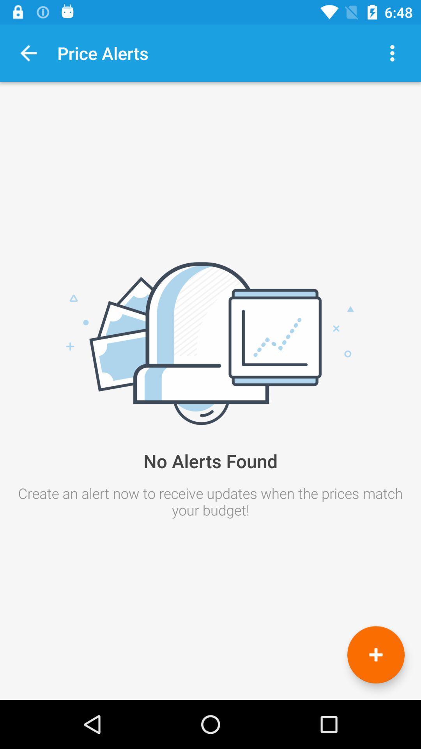 The height and width of the screenshot is (749, 421). Describe the element at coordinates (375, 655) in the screenshot. I see `the add icon` at that location.